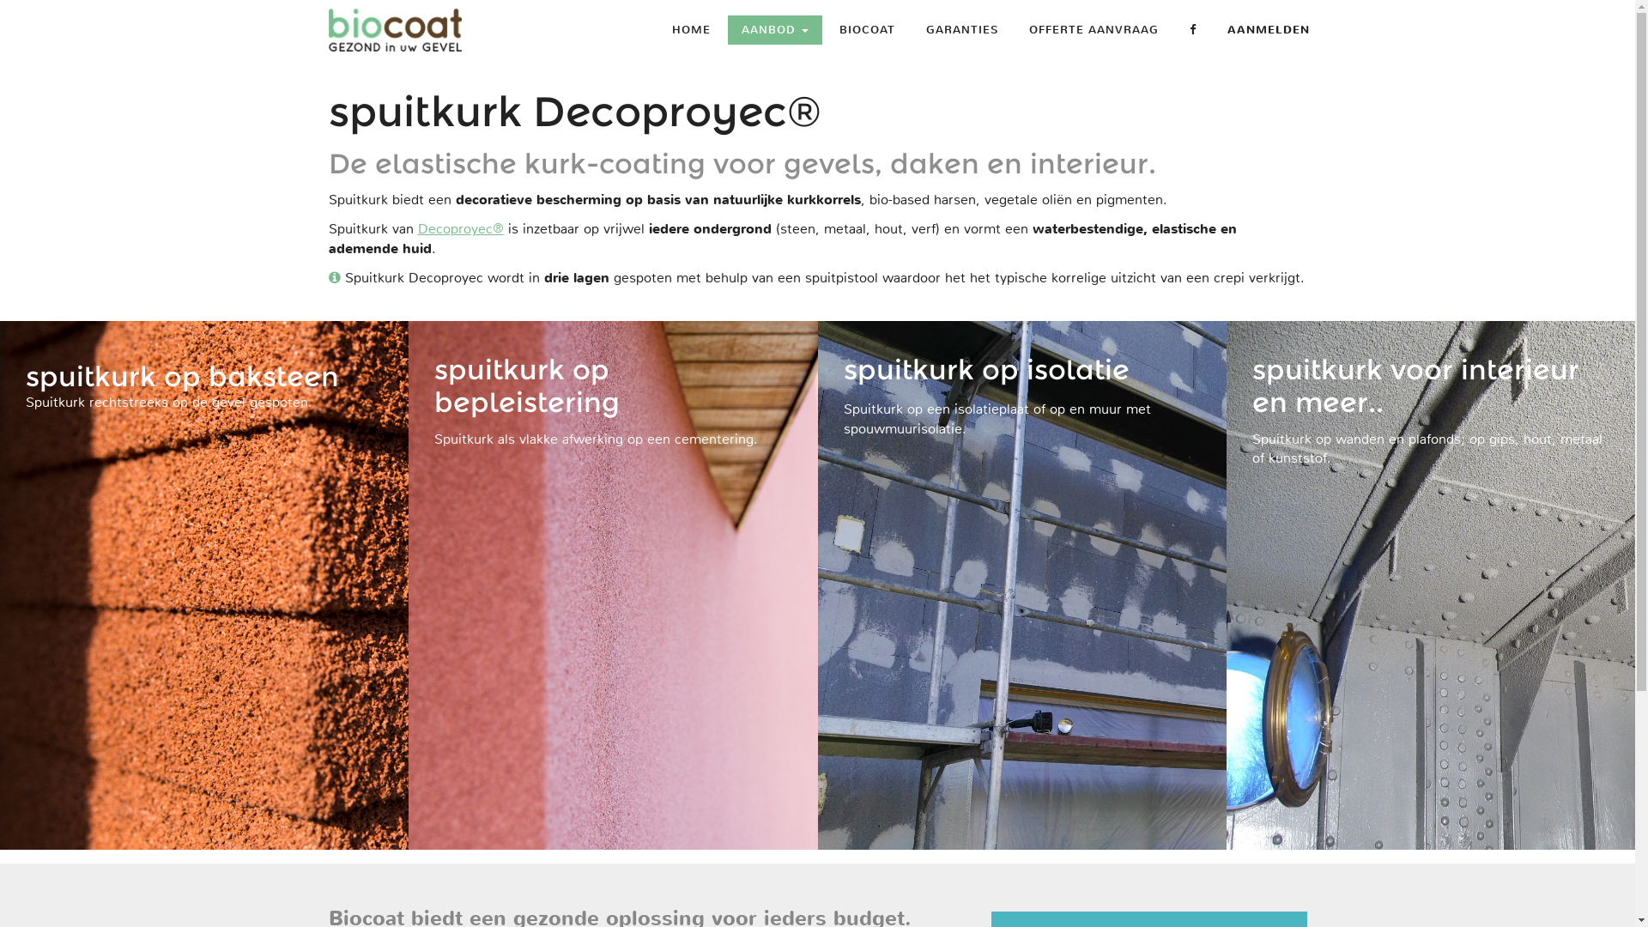 The height and width of the screenshot is (927, 1648). What do you see at coordinates (1269, 29) in the screenshot?
I see `'AANMELDEN'` at bounding box center [1269, 29].